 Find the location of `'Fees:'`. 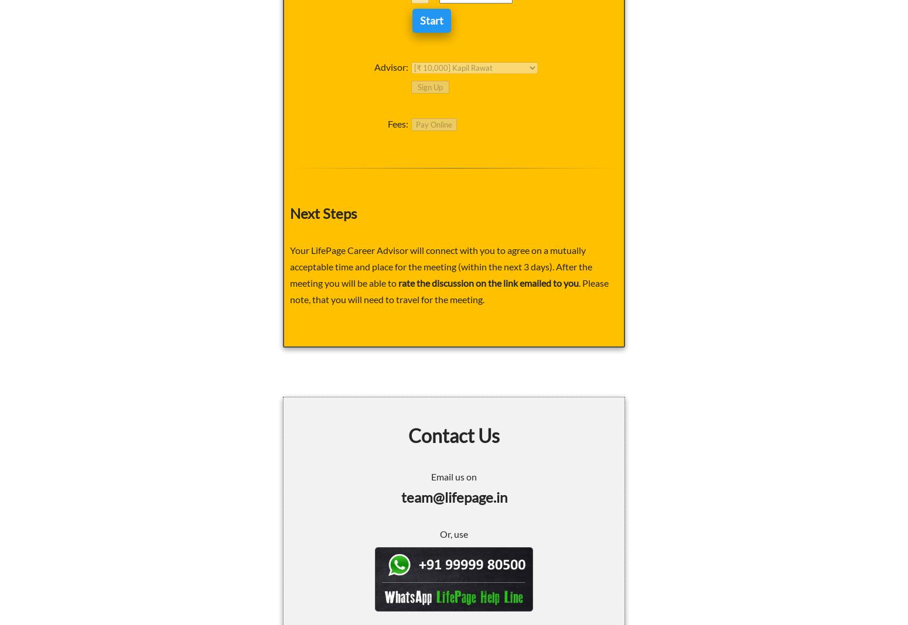

'Fees:' is located at coordinates (397, 123).